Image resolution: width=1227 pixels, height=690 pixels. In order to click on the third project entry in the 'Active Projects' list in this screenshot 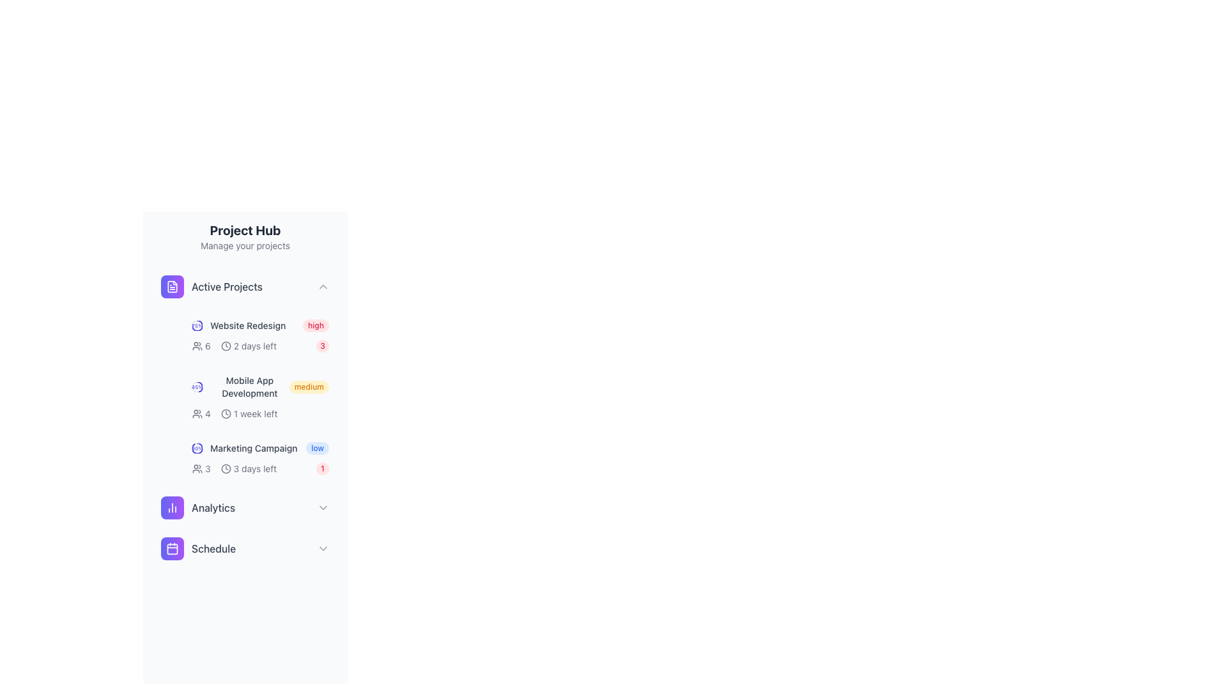, I will do `click(260, 448)`.